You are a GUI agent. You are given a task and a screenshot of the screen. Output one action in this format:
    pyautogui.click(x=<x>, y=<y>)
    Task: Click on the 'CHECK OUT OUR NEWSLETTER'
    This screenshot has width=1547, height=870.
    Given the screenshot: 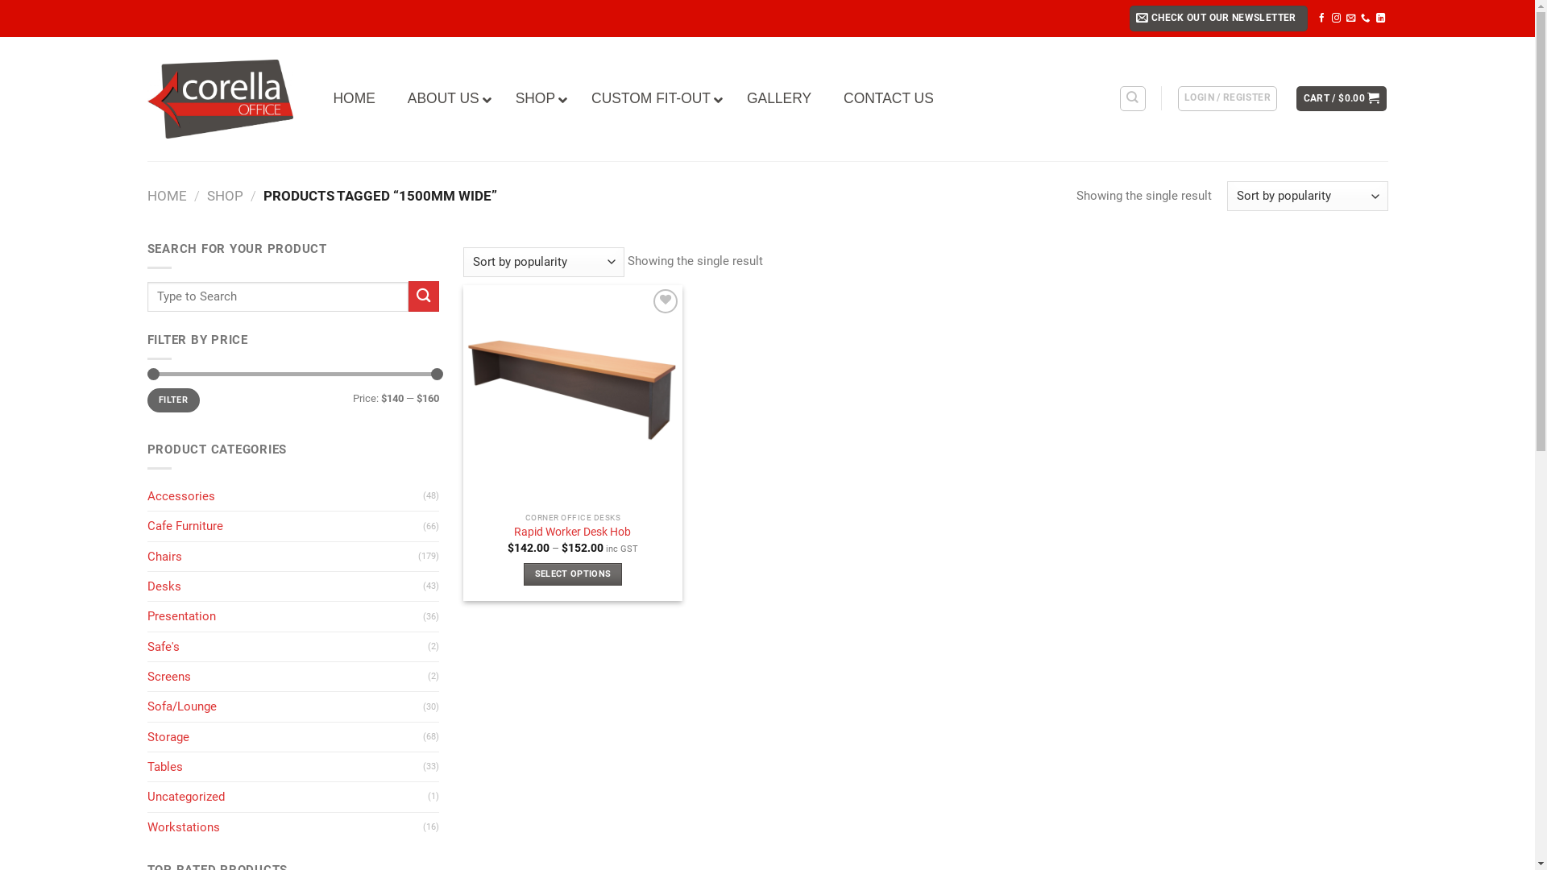 What is the action you would take?
    pyautogui.click(x=1218, y=18)
    